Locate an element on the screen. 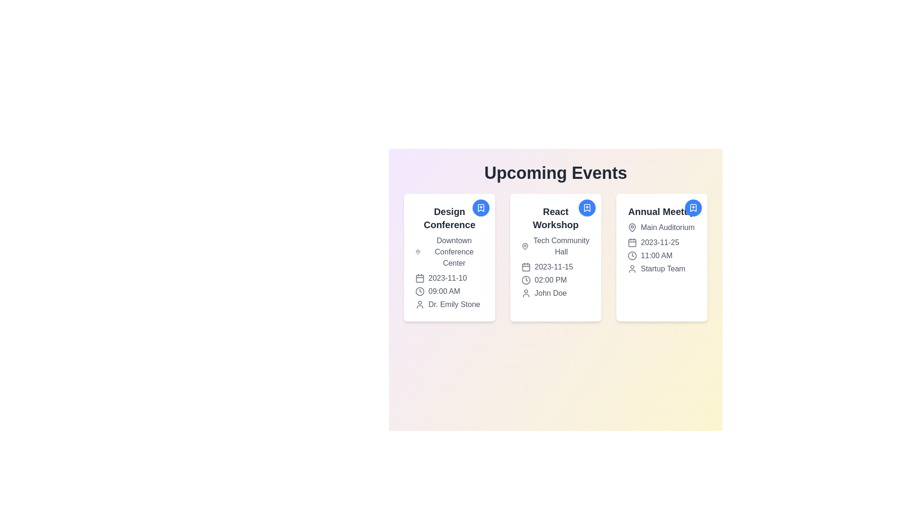 The height and width of the screenshot is (507, 902). the bookmark icon located in the top-right corner of the React Workshop card to bookmark the event for easy retrieval later is located at coordinates (586, 207).